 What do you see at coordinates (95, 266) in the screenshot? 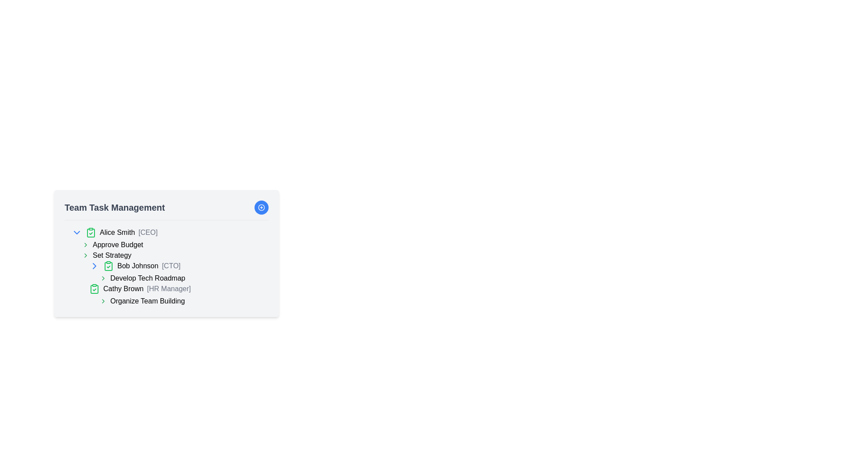
I see `the chevron button` at bounding box center [95, 266].